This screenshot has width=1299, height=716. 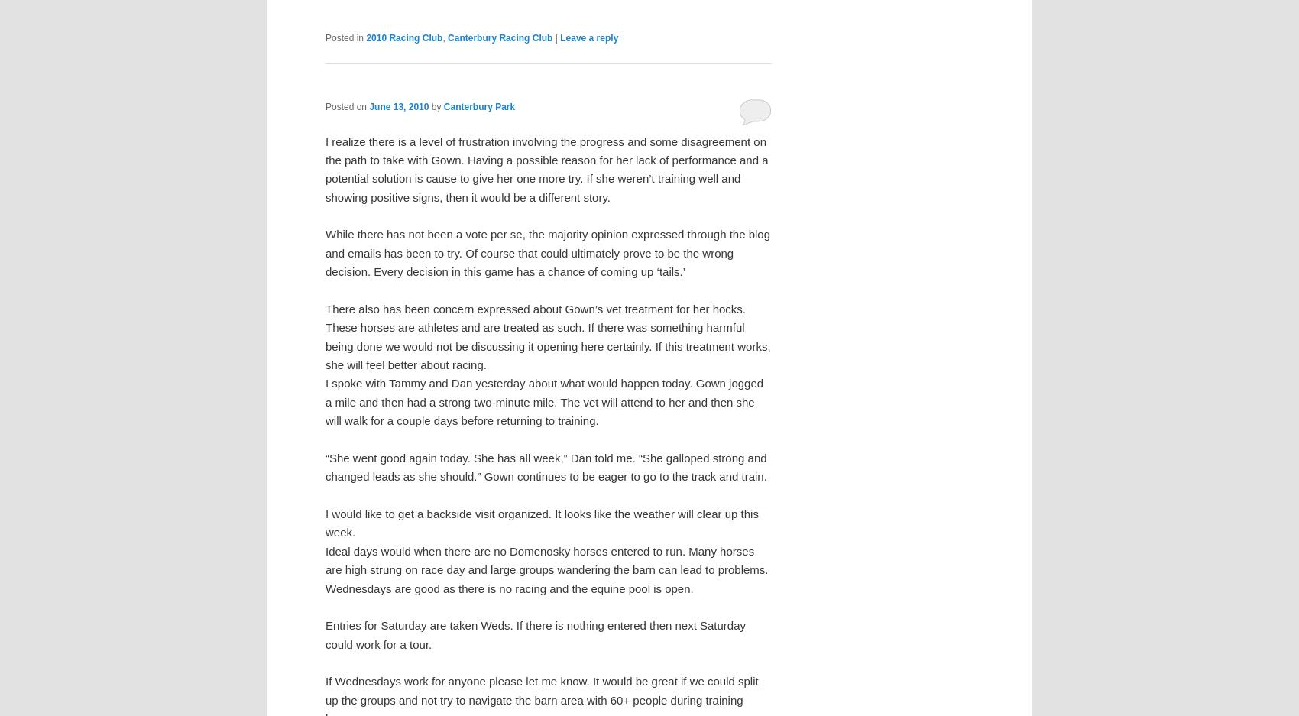 What do you see at coordinates (399, 106) in the screenshot?
I see `'June 13, 2010'` at bounding box center [399, 106].